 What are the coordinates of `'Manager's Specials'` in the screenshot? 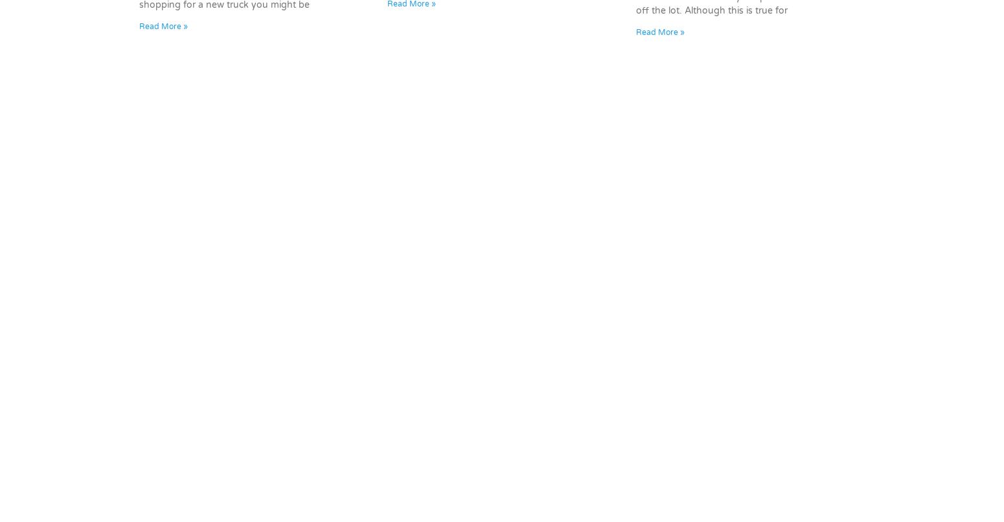 It's located at (248, 395).